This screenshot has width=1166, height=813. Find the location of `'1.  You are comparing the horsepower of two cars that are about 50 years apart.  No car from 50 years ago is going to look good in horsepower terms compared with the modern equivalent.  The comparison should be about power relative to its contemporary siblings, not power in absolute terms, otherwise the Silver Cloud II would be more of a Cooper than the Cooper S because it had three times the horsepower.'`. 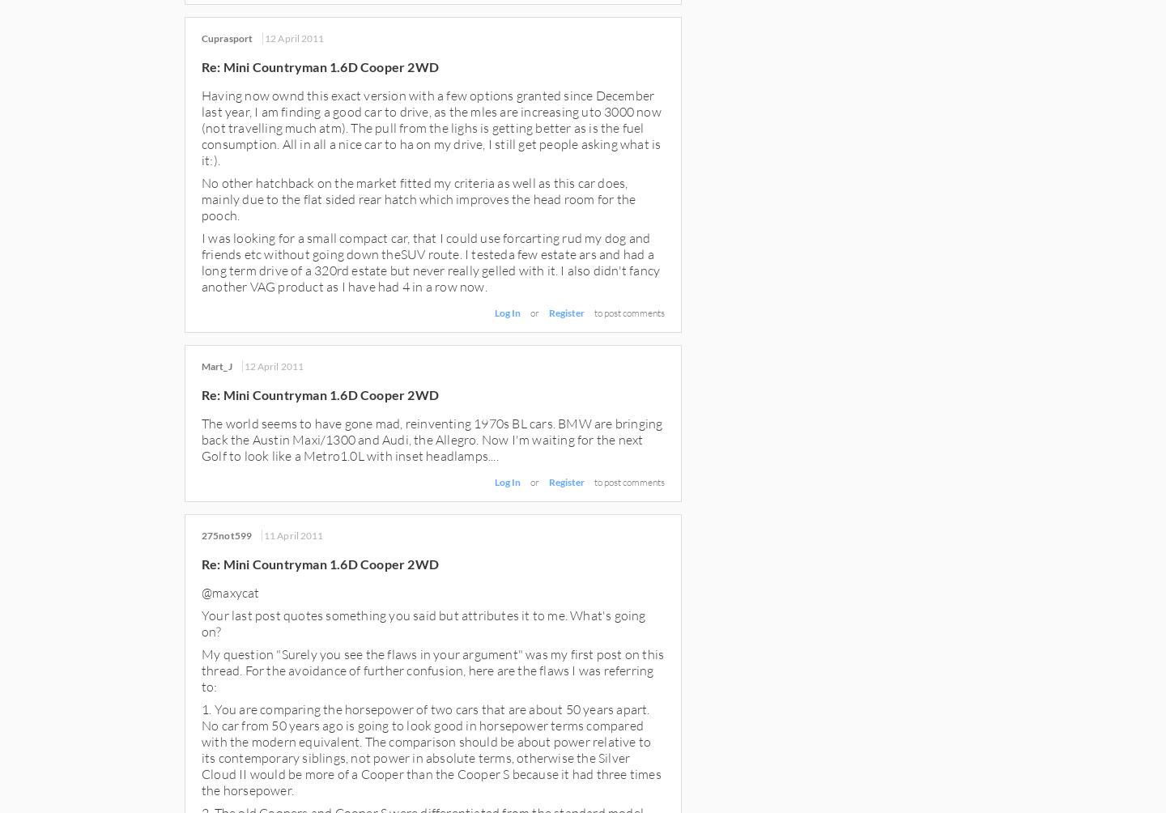

'1.  You are comparing the horsepower of two cars that are about 50 years apart.  No car from 50 years ago is going to look good in horsepower terms compared with the modern equivalent.  The comparison should be about power relative to its contemporary siblings, not power in absolute terms, otherwise the Silver Cloud II would be more of a Cooper than the Cooper S because it had three times the horsepower.' is located at coordinates (430, 748).